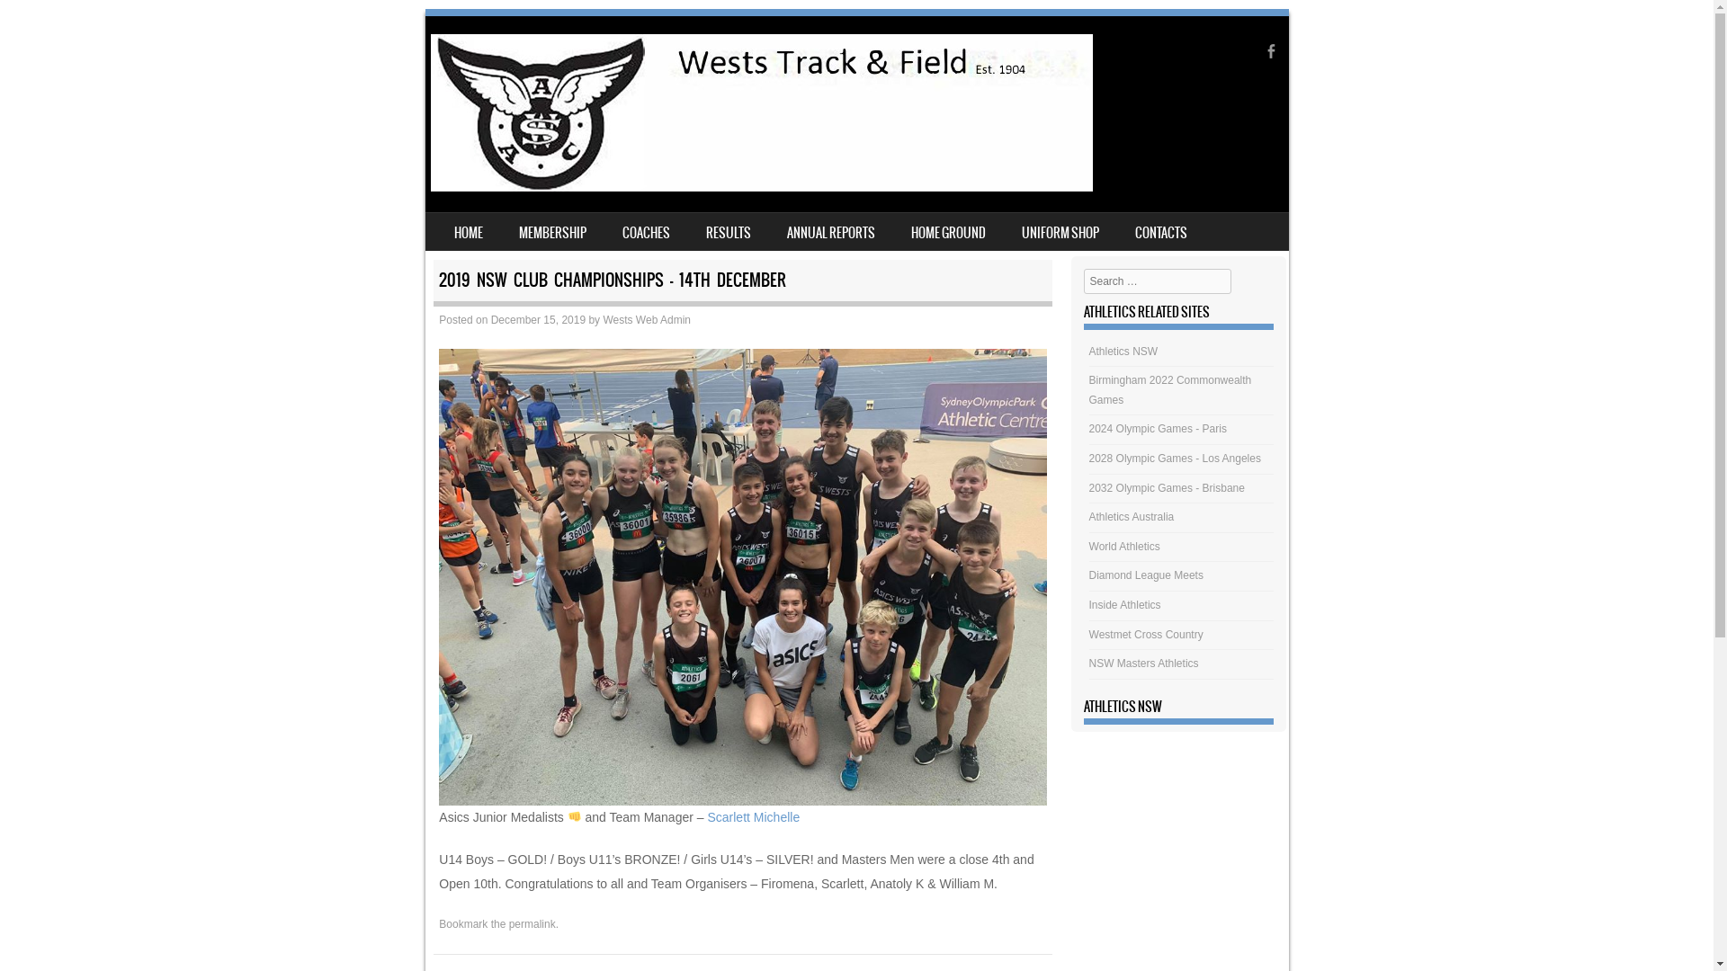 This screenshot has width=1727, height=971. Describe the element at coordinates (946, 231) in the screenshot. I see `'HOME GROUND'` at that location.